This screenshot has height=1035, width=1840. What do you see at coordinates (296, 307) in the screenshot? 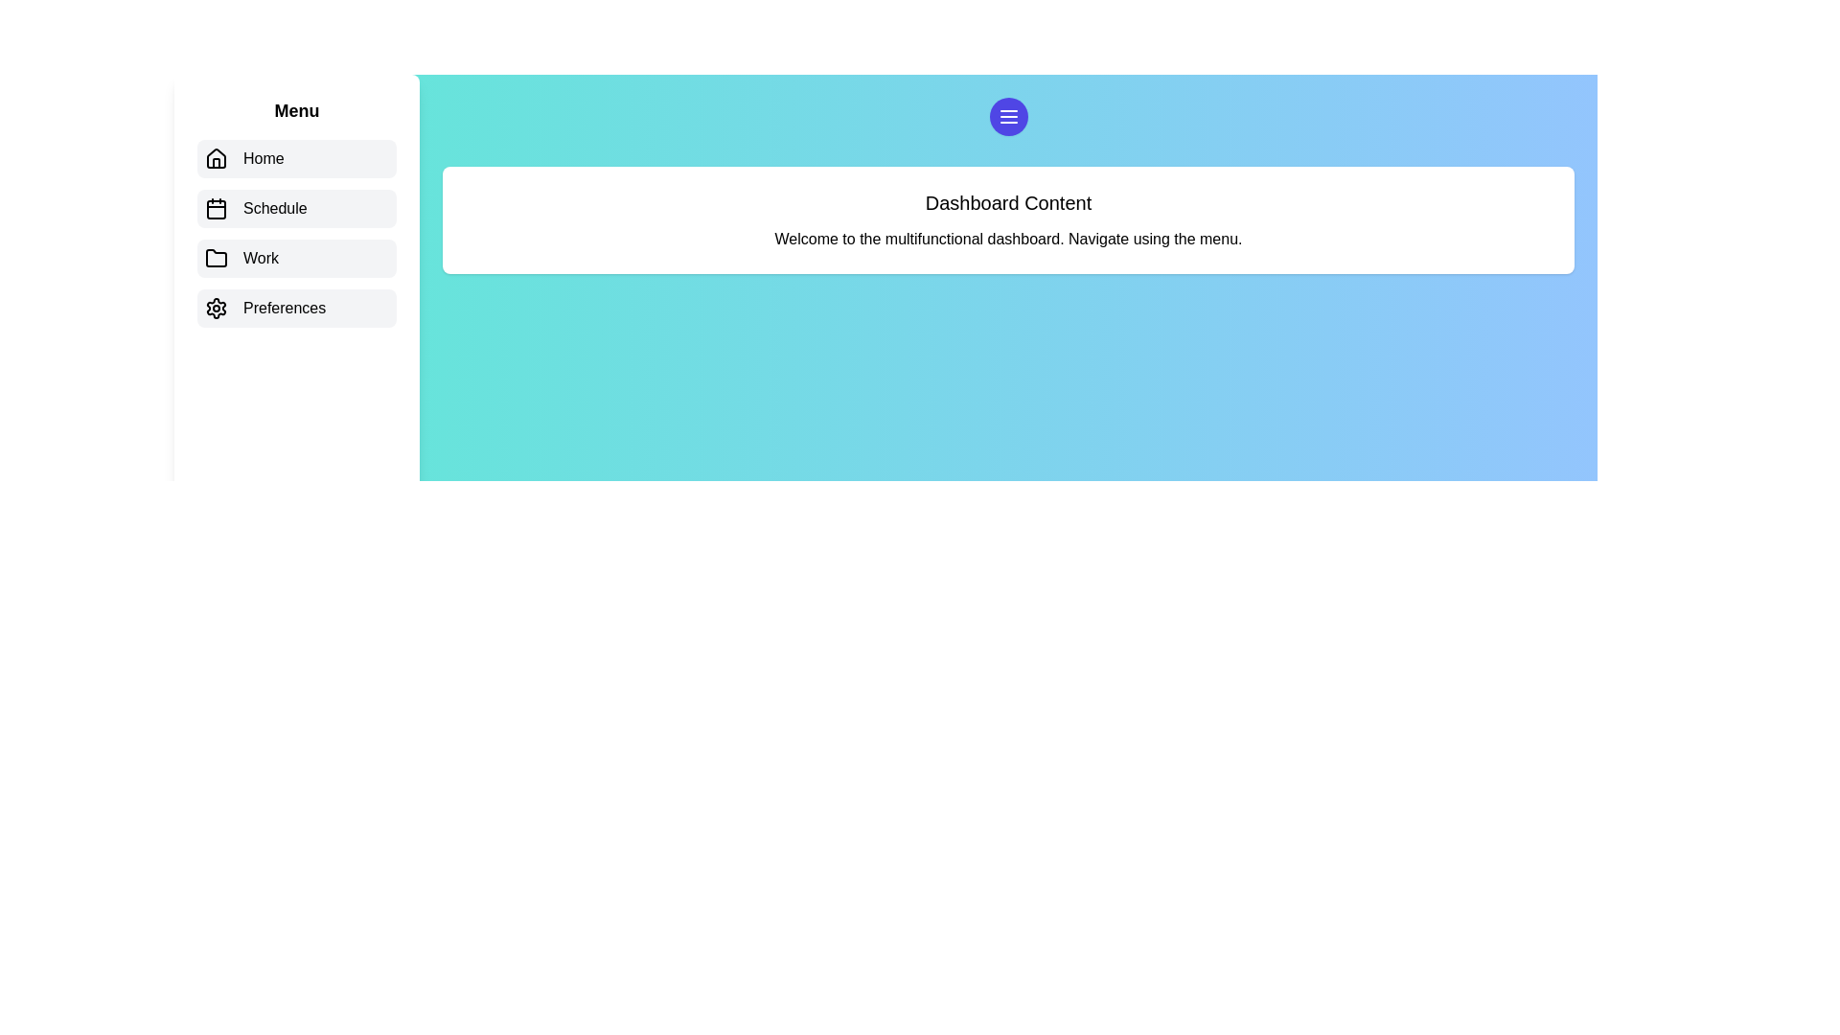
I see `the menu item corresponding to Preferences` at bounding box center [296, 307].